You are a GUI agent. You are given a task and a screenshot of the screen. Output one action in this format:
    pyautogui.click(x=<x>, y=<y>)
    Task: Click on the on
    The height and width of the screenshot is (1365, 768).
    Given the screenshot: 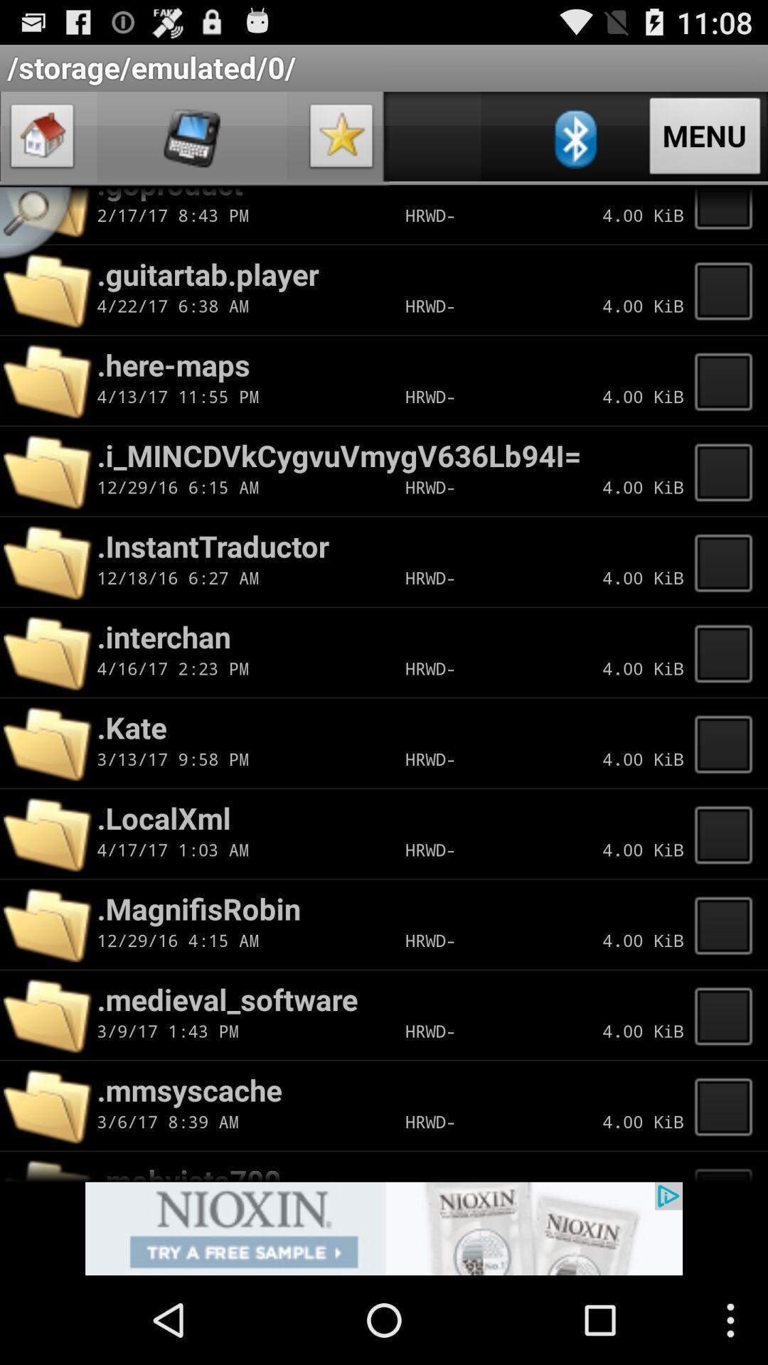 What is the action you would take?
    pyautogui.click(x=727, y=924)
    